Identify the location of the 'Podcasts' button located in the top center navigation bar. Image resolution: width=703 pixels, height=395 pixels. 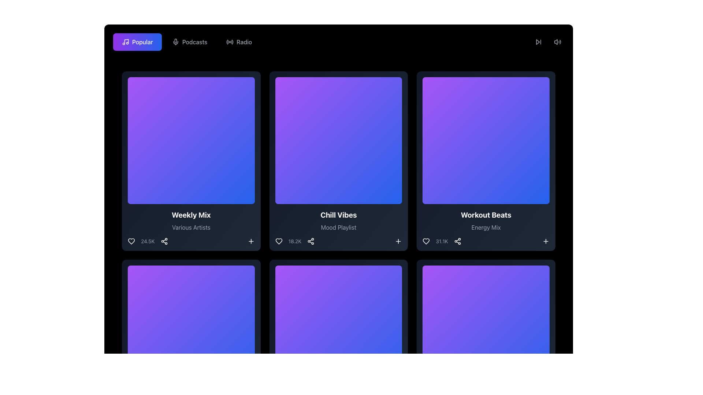
(190, 42).